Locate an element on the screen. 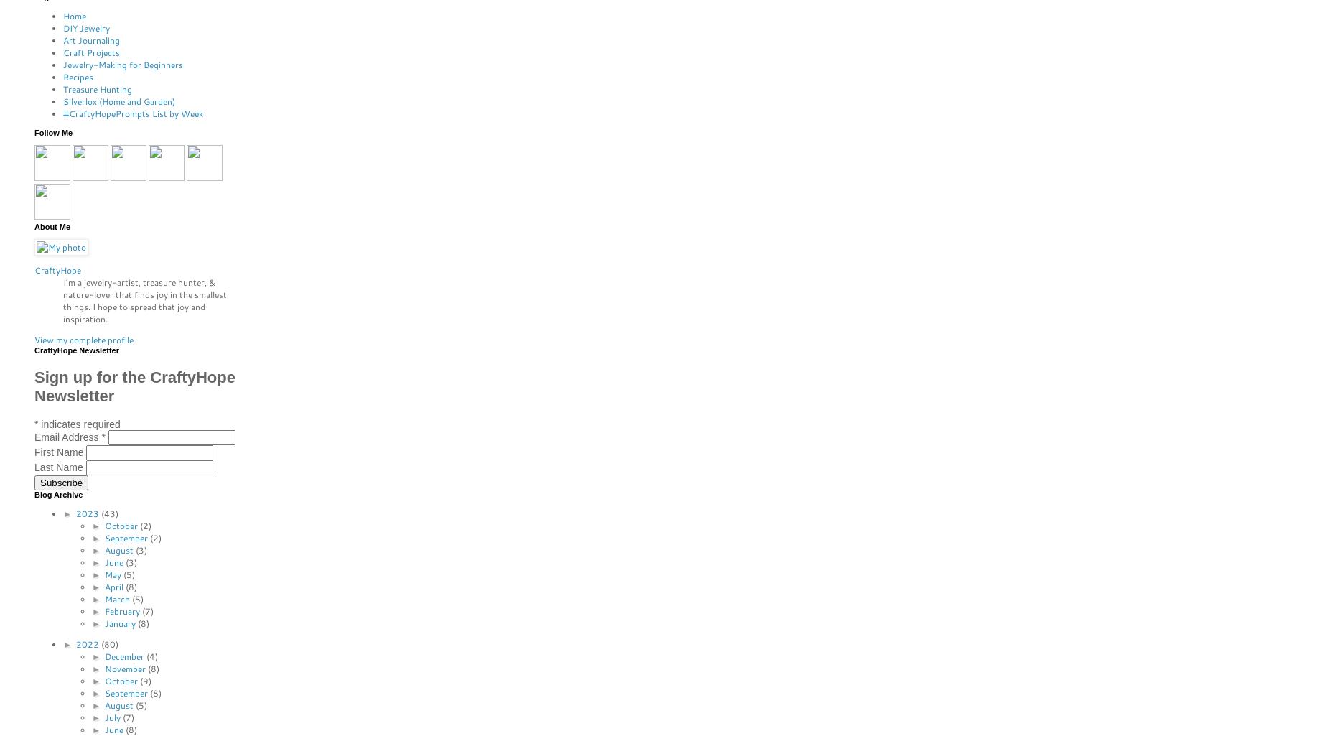 Image resolution: width=1334 pixels, height=736 pixels. 'February' is located at coordinates (122, 610).